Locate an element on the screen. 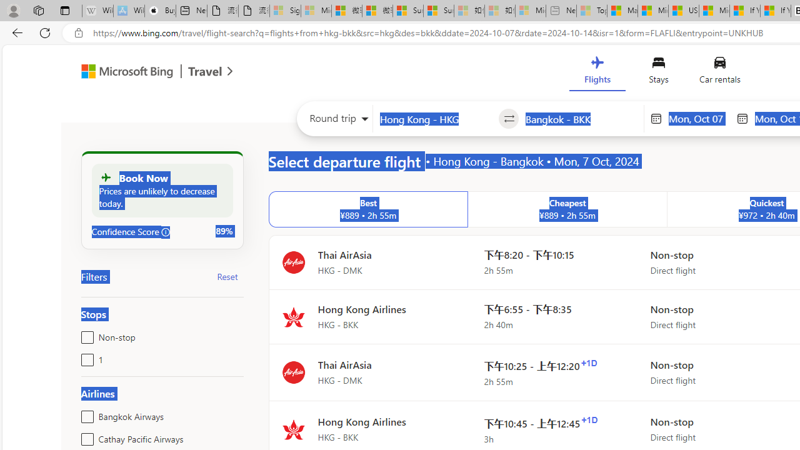  'Reset' is located at coordinates (227, 276).